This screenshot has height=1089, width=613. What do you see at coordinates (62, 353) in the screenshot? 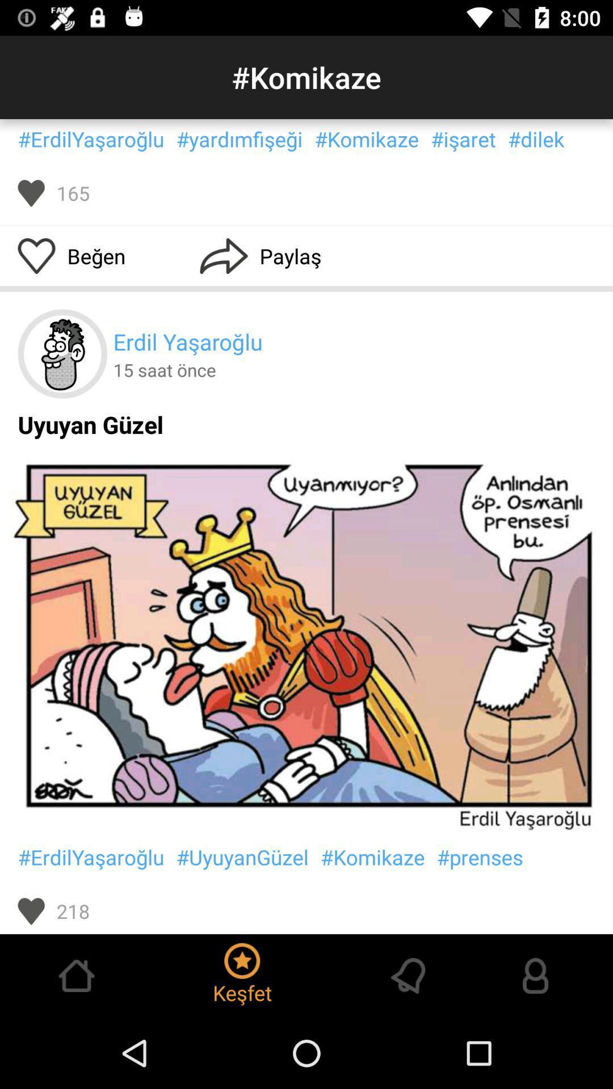
I see `the icon above uyuyan guzel` at bounding box center [62, 353].